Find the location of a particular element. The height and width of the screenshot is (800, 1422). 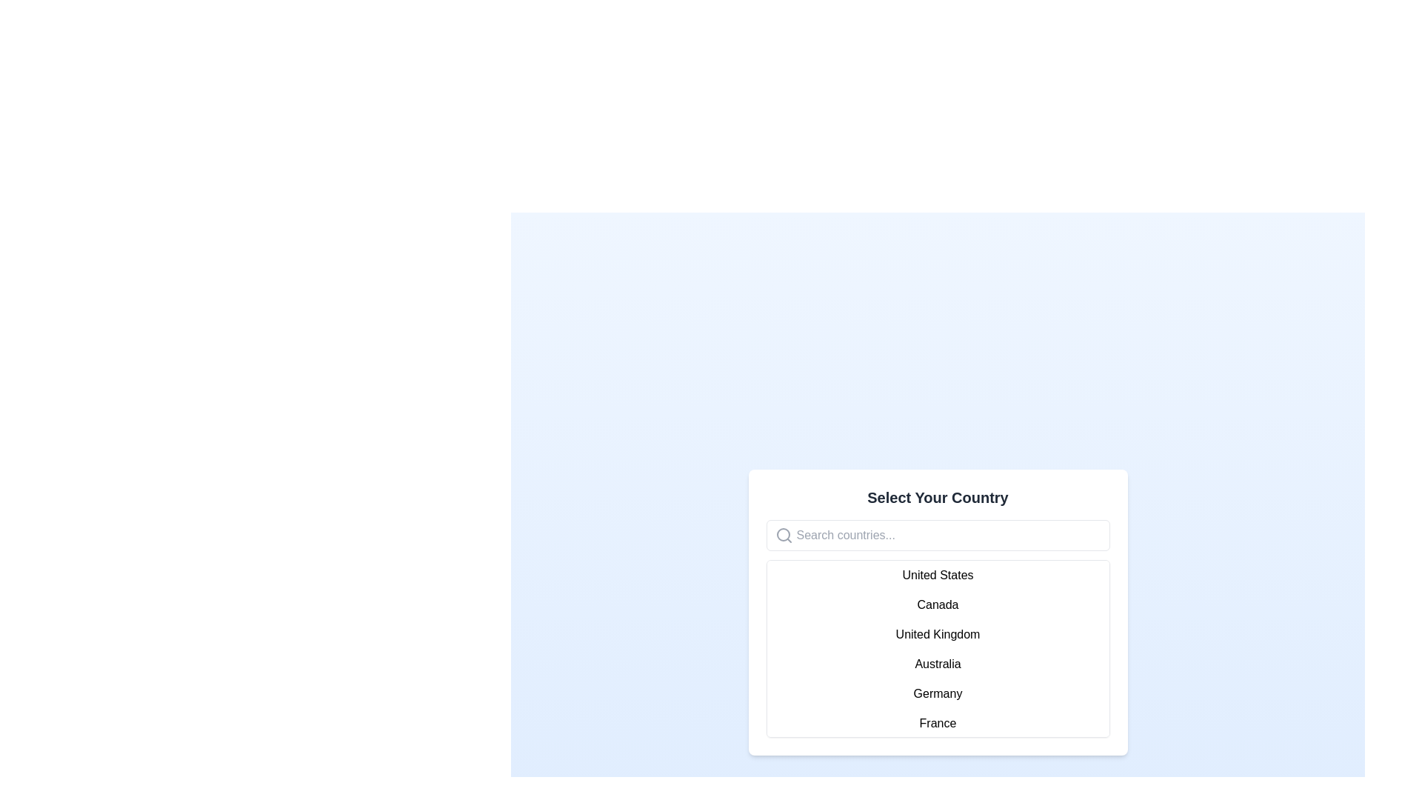

the circular magnifying glass icon located inside the search area at the left side of the input field in the search bar component, which is vertically aligned in the middle is located at coordinates (783, 535).